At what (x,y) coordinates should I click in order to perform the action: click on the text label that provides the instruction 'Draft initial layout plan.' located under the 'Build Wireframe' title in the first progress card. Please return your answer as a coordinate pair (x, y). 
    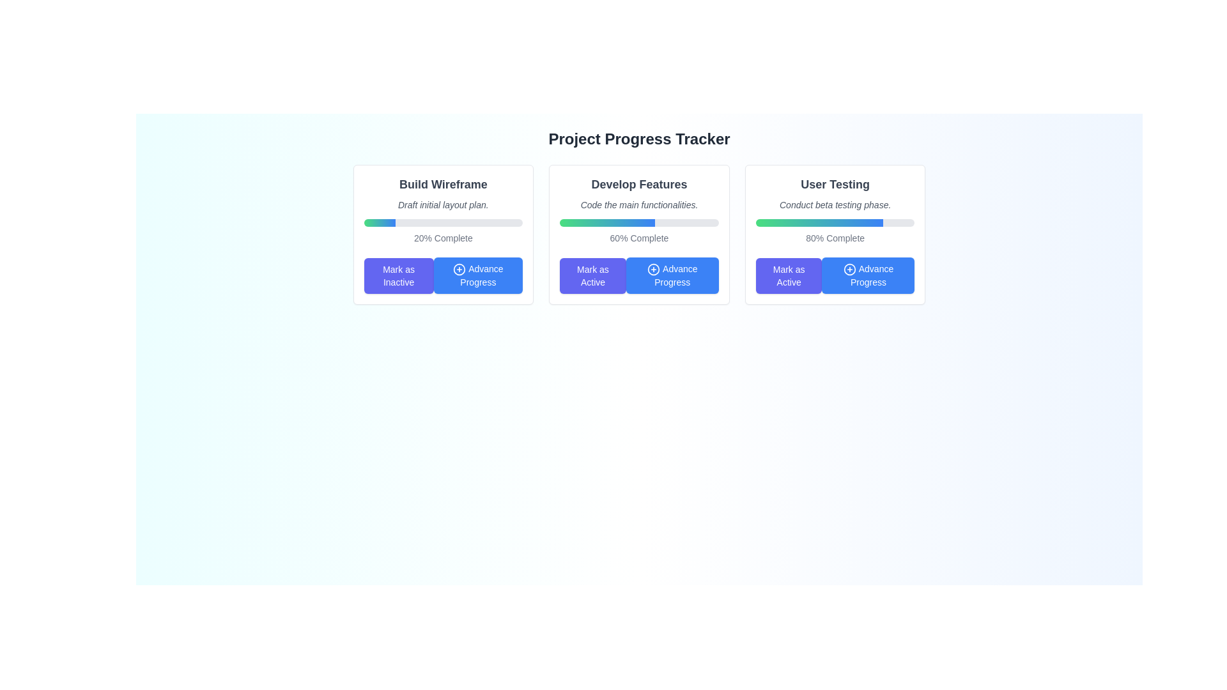
    Looking at the image, I should click on (443, 204).